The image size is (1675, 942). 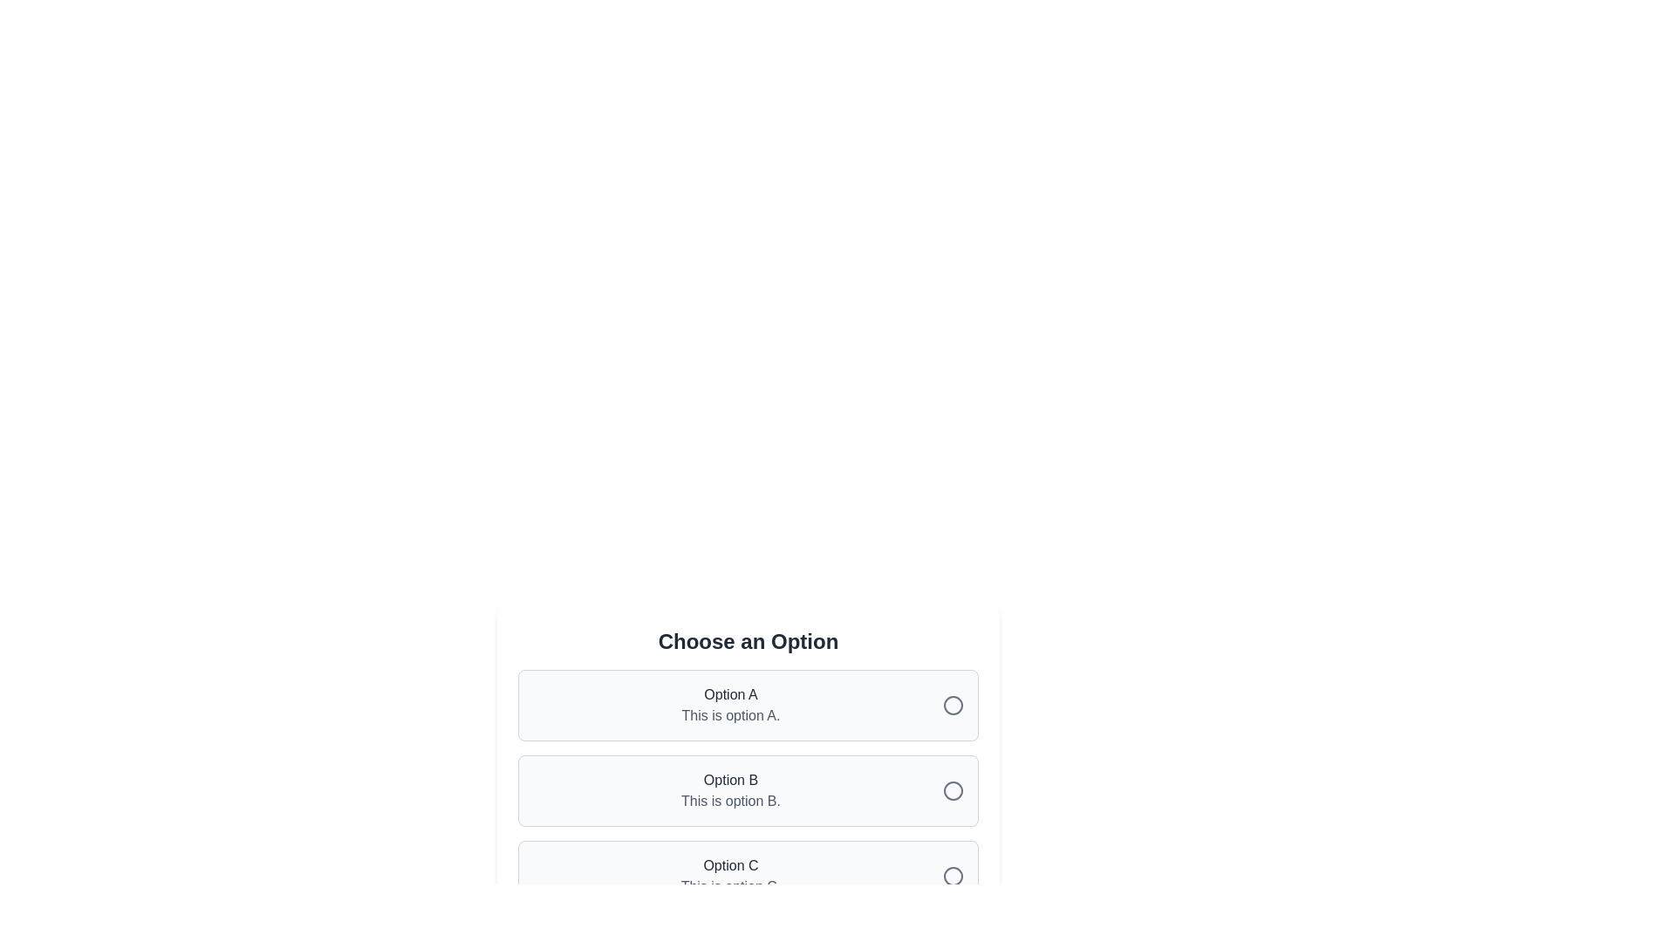 What do you see at coordinates (731, 865) in the screenshot?
I see `the static text label element displaying 'Option C', which is styled with medium font weight and dark gray color, located at the top of the section representing 'Option C'` at bounding box center [731, 865].